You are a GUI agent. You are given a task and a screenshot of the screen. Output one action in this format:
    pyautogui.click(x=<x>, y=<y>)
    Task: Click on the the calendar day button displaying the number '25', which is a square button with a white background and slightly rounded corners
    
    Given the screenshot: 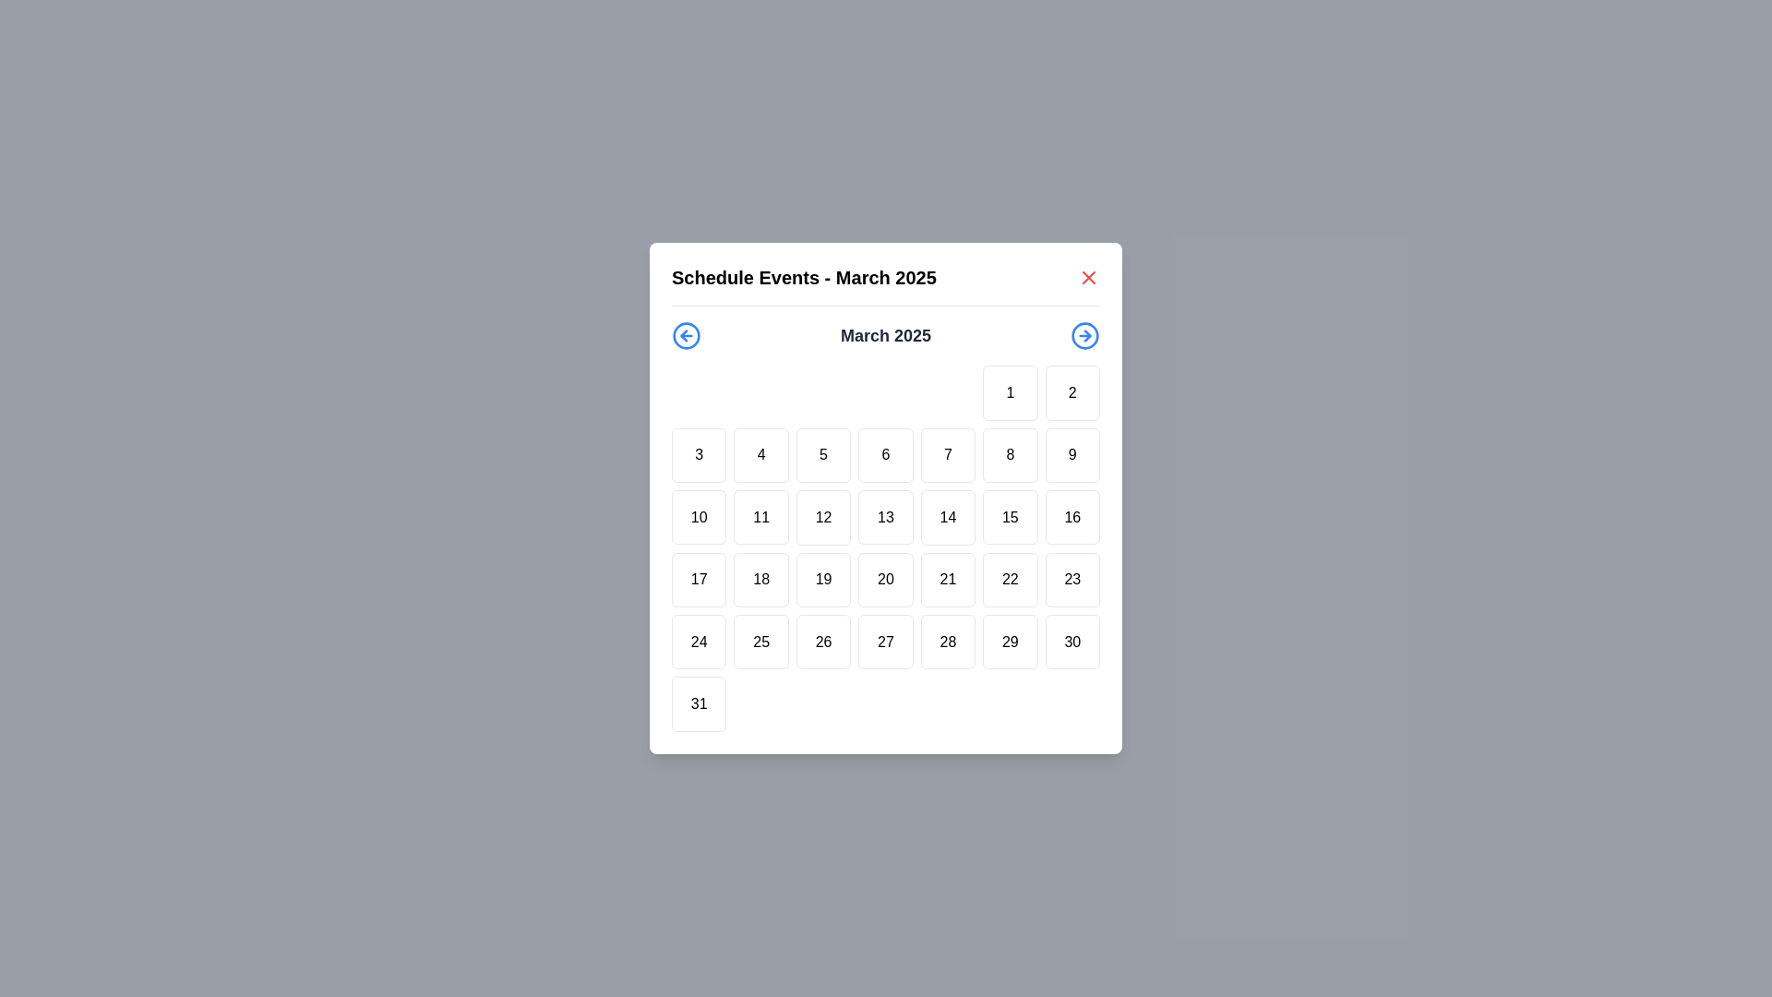 What is the action you would take?
    pyautogui.click(x=761, y=641)
    